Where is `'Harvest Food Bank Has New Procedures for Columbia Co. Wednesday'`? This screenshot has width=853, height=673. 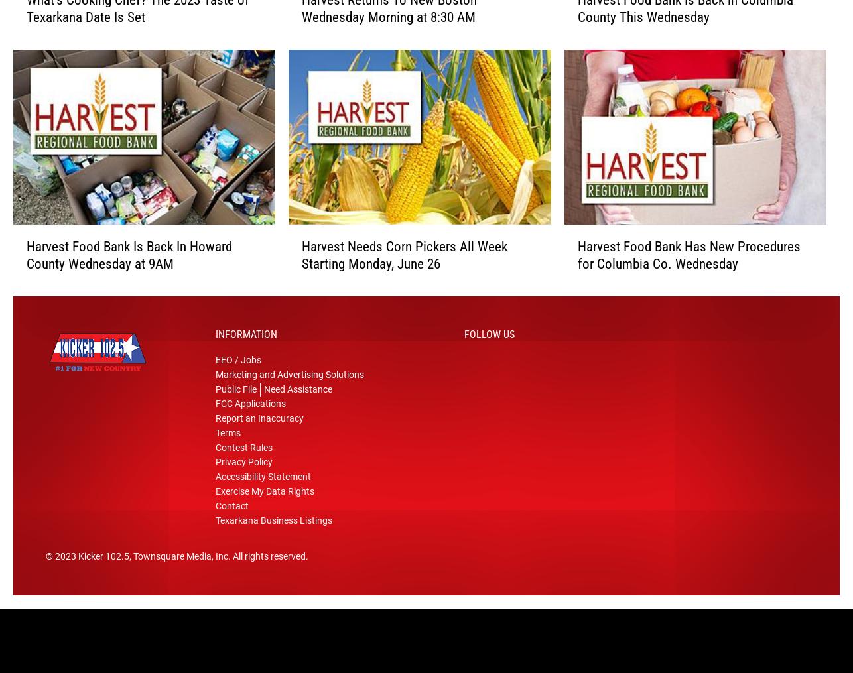 'Harvest Food Bank Has New Procedures for Columbia Co. Wednesday' is located at coordinates (688, 261).